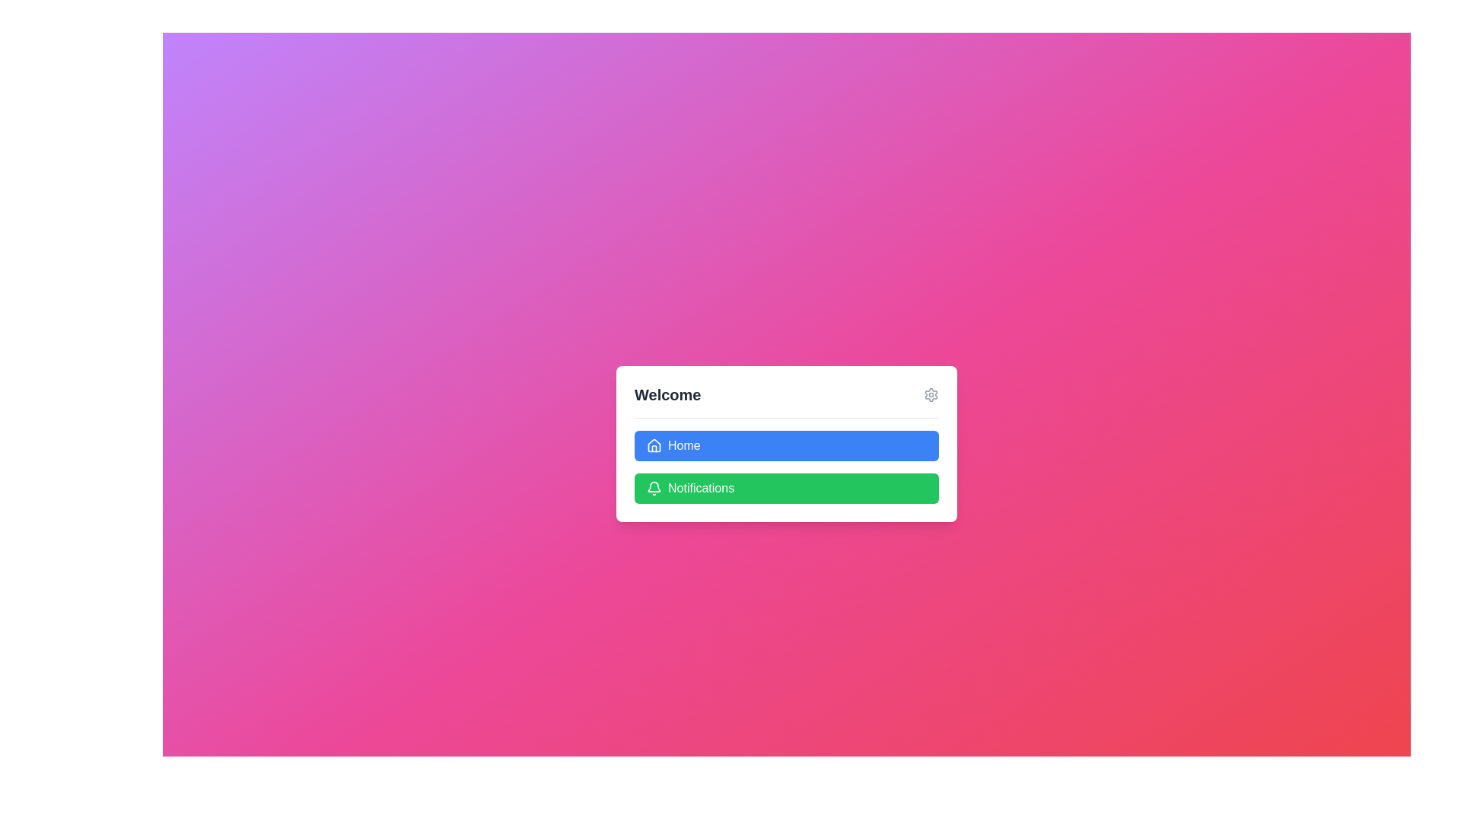 Image resolution: width=1461 pixels, height=822 pixels. What do you see at coordinates (654, 445) in the screenshot?
I see `the house icon located within the 'Home' button, which is styled with rounded lines and rendered in white against a blue background` at bounding box center [654, 445].